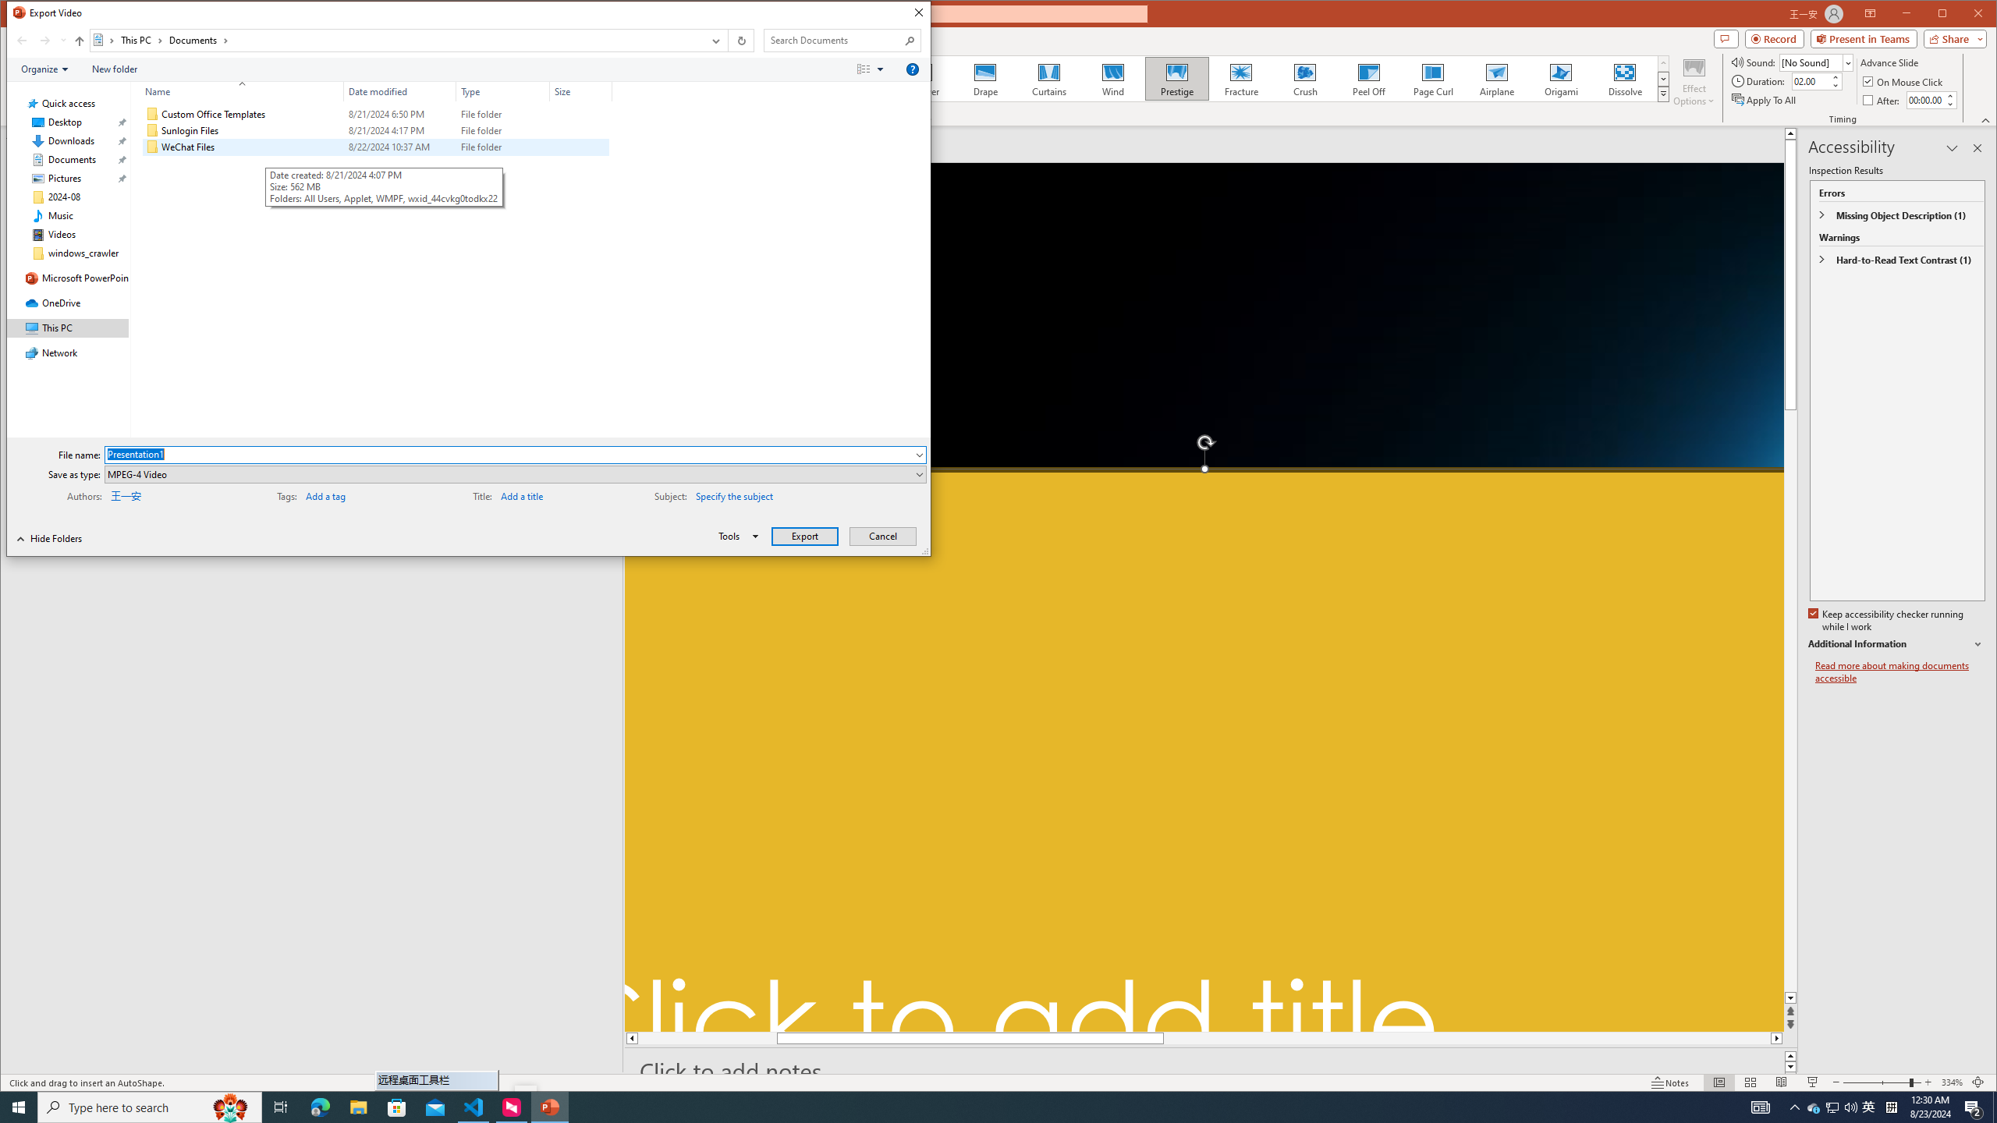 This screenshot has height=1123, width=1997. I want to click on 'Peel Off', so click(1370, 78).